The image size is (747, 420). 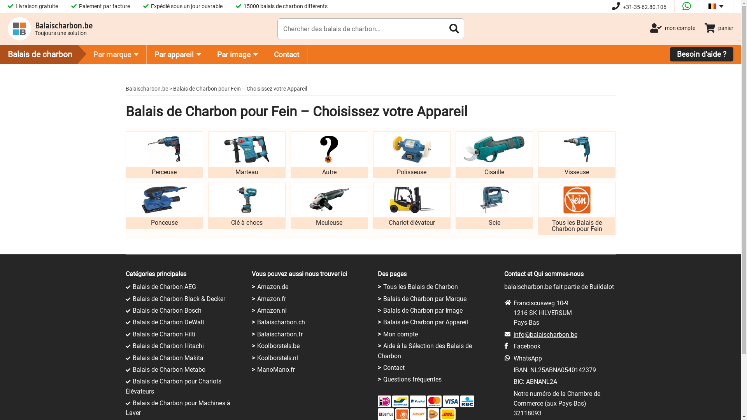 I want to click on 'Mastercard-logo', so click(x=434, y=401).